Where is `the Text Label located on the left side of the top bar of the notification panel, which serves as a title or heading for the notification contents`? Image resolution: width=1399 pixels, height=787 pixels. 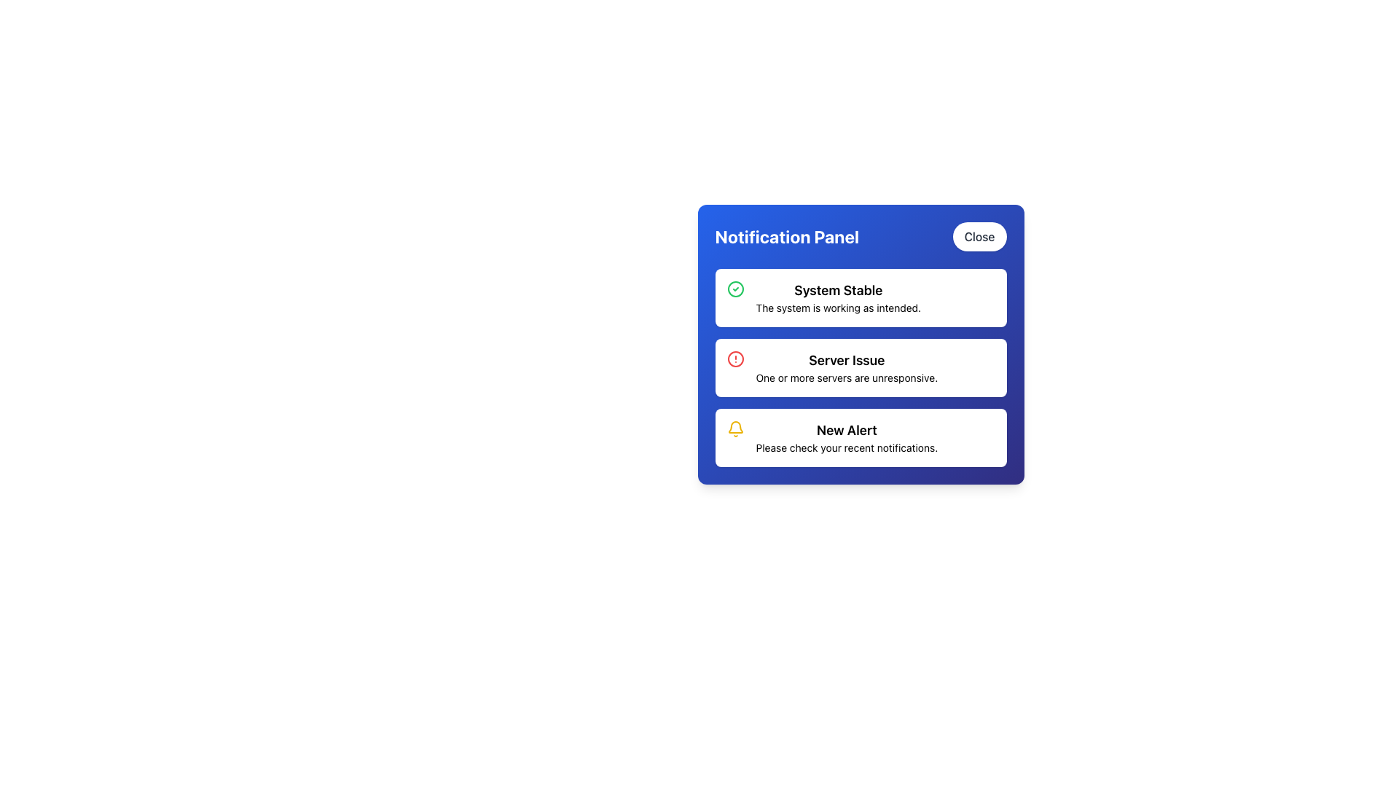 the Text Label located on the left side of the top bar of the notification panel, which serves as a title or heading for the notification contents is located at coordinates (786, 235).